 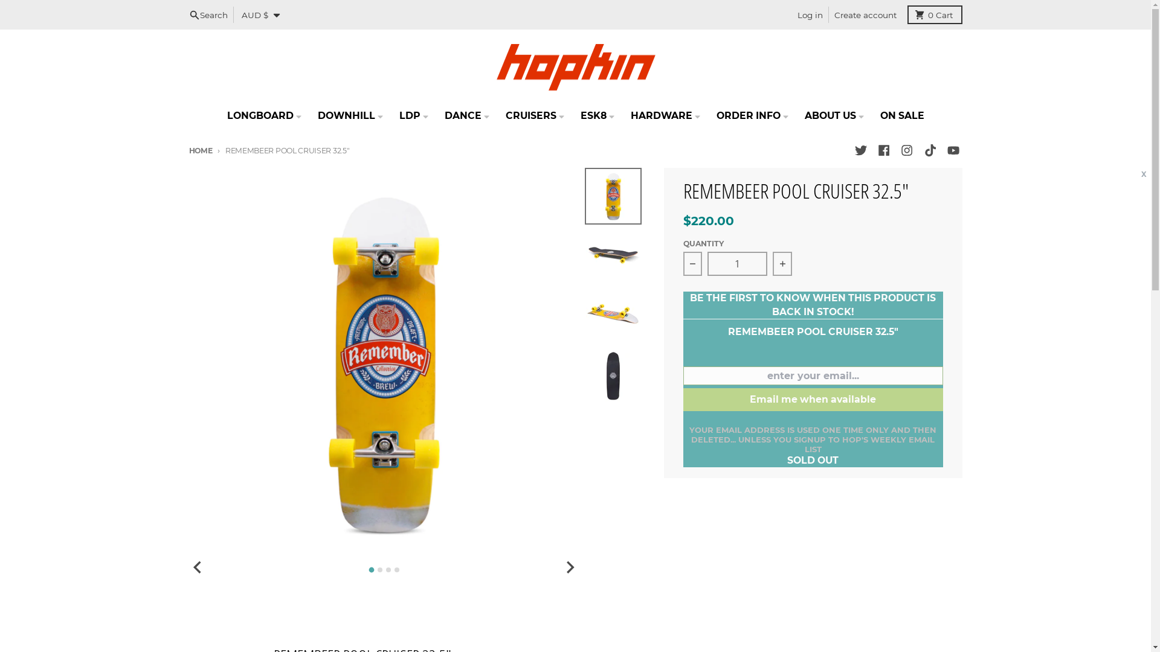 What do you see at coordinates (236, 14) in the screenshot?
I see `'AUD $'` at bounding box center [236, 14].